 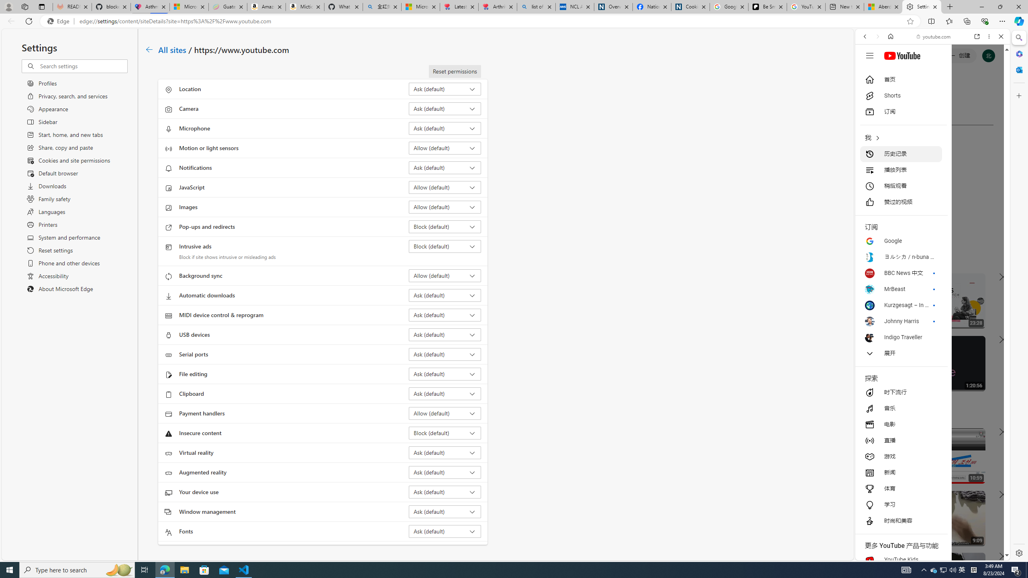 I want to click on 'Asthma Inhalers: Names and Types', so click(x=149, y=6).